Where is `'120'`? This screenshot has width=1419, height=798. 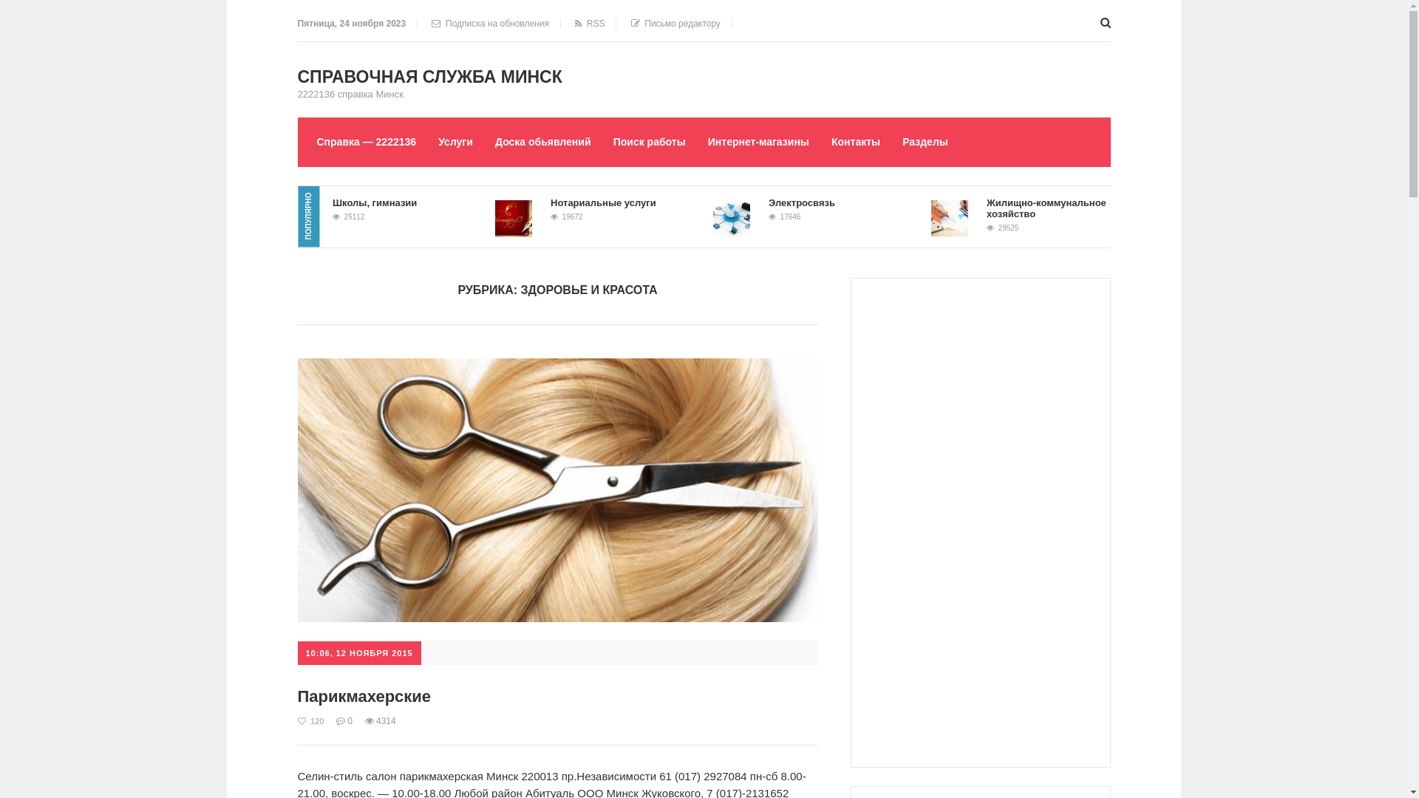
'120' is located at coordinates (310, 720).